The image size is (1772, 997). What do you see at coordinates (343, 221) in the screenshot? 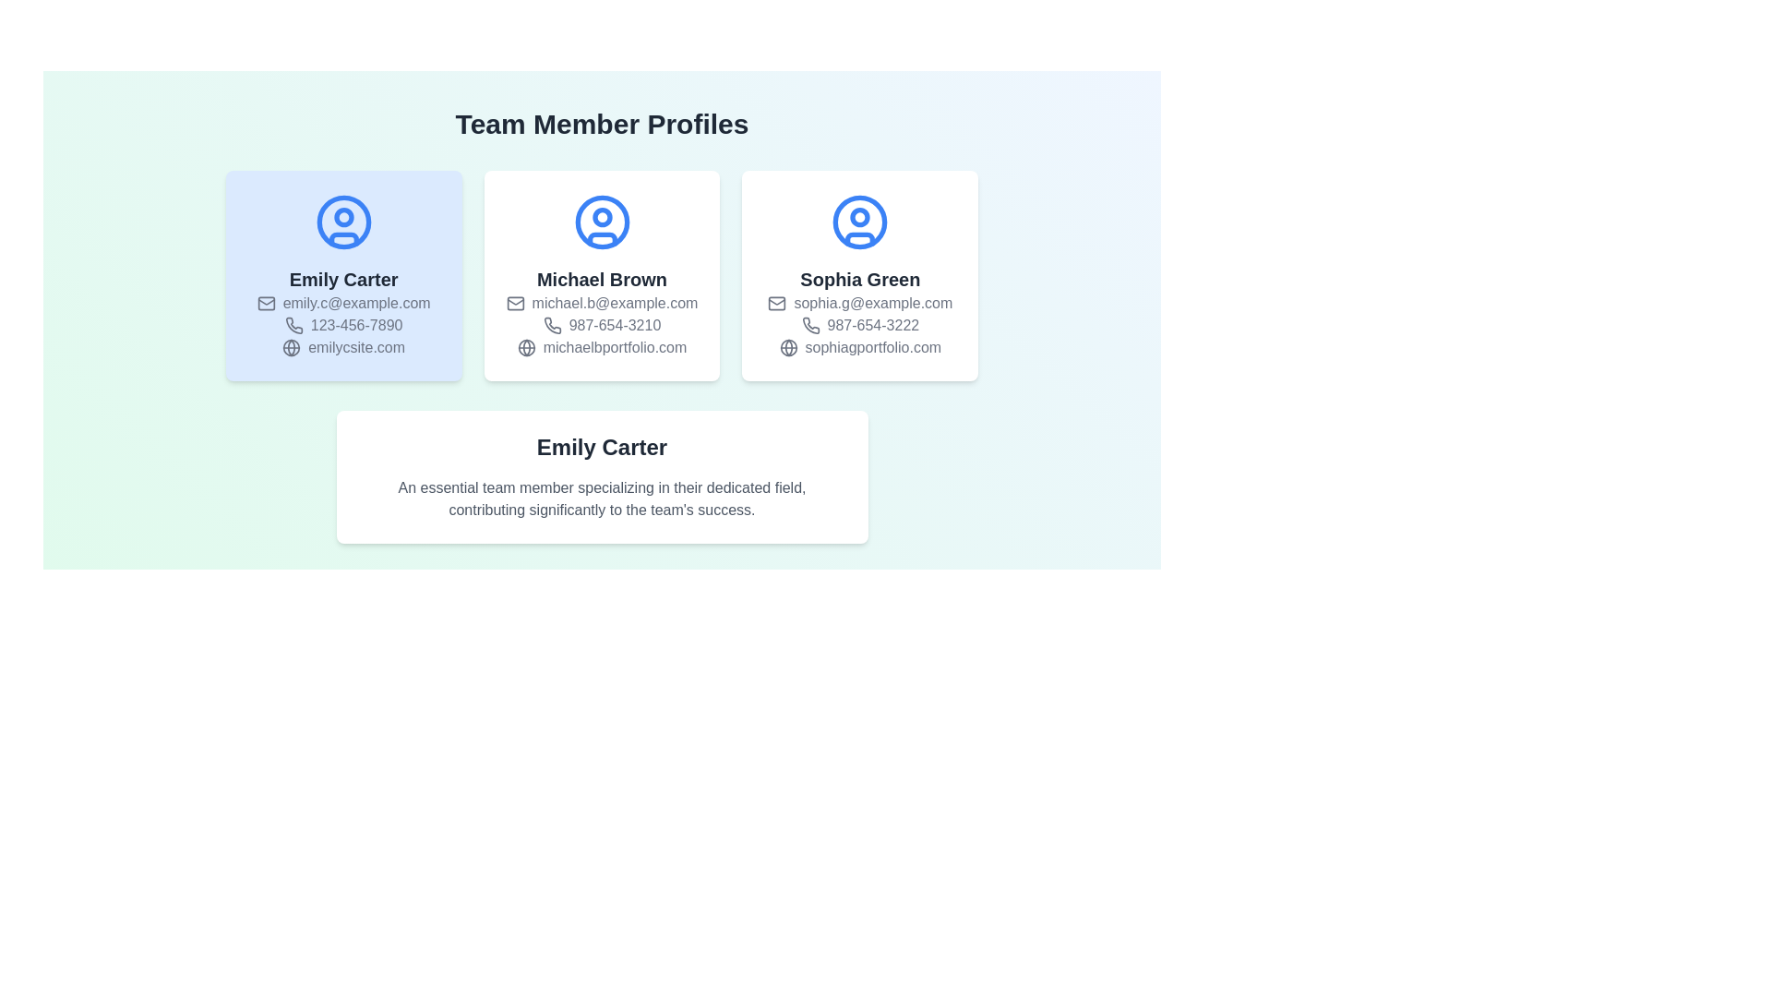
I see `the decorative user profile icon representing 'Emily Carter' in the Team Member Profiles section, positioned at the top-center of the card` at bounding box center [343, 221].